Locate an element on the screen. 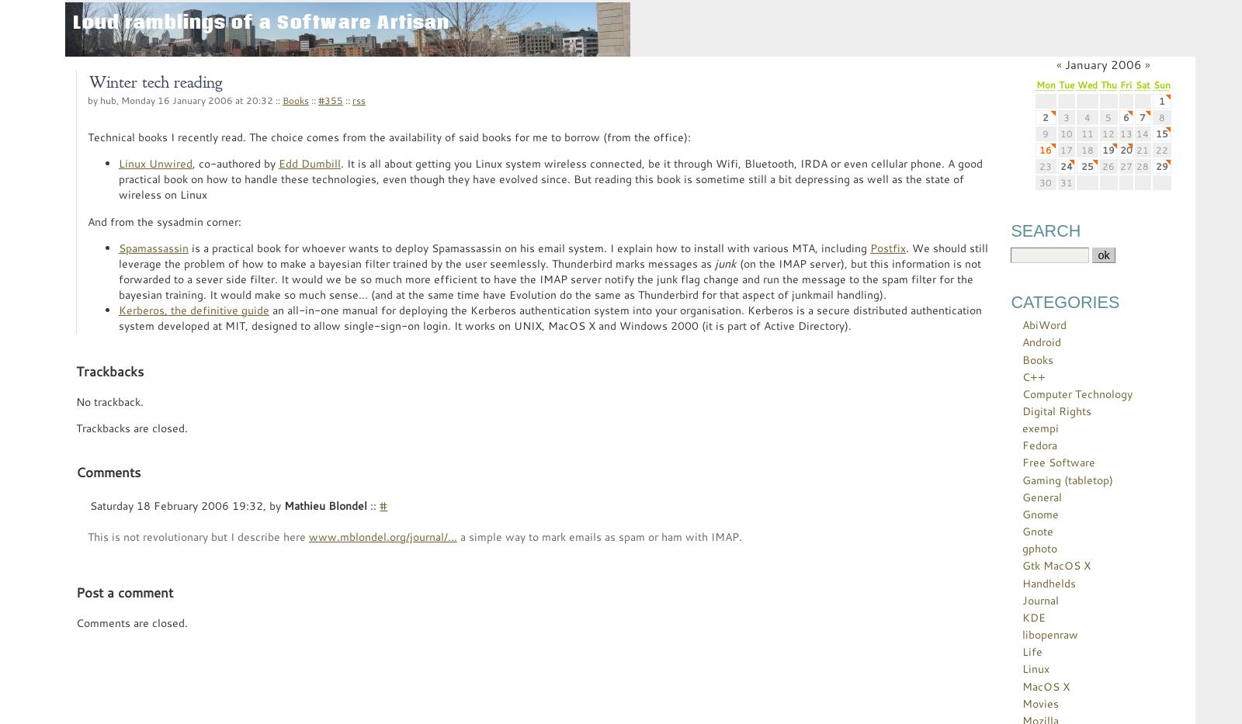  '13' is located at coordinates (1125, 133).